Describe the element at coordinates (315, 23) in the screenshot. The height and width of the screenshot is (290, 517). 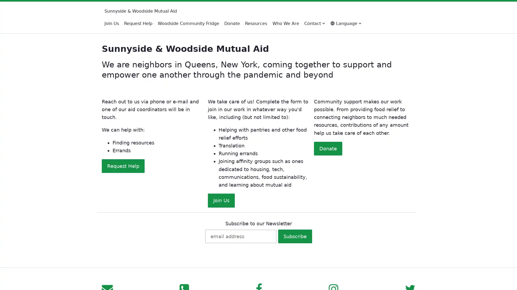
I see `Contact` at that location.